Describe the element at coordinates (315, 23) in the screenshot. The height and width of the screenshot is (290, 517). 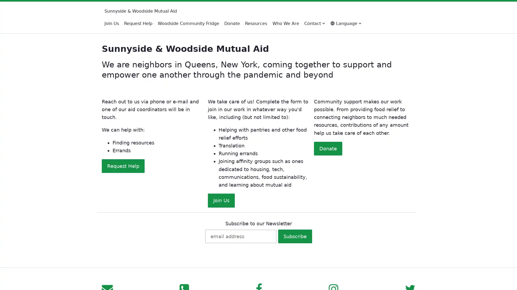
I see `Contact` at that location.